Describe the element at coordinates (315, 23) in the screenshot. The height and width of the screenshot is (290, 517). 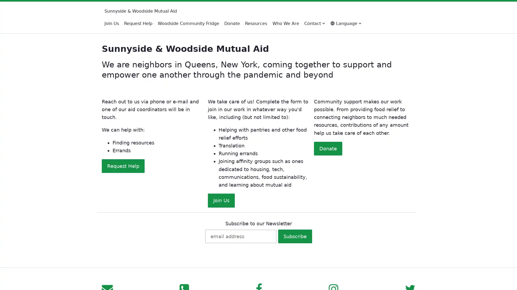
I see `Contact` at that location.